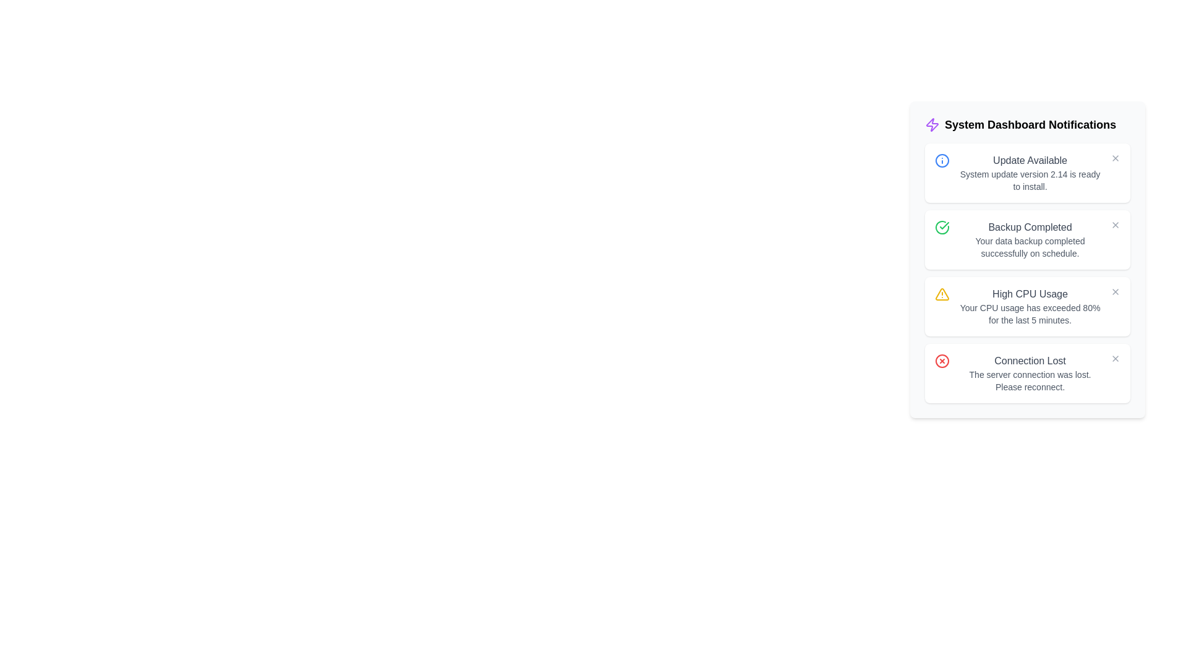 This screenshot has width=1188, height=668. What do you see at coordinates (941, 294) in the screenshot?
I see `the warning icon representing high CPU usage, which is a yellow outlined triangle with an exclamation mark inside, located in the third notification box from the top of the notification panel` at bounding box center [941, 294].